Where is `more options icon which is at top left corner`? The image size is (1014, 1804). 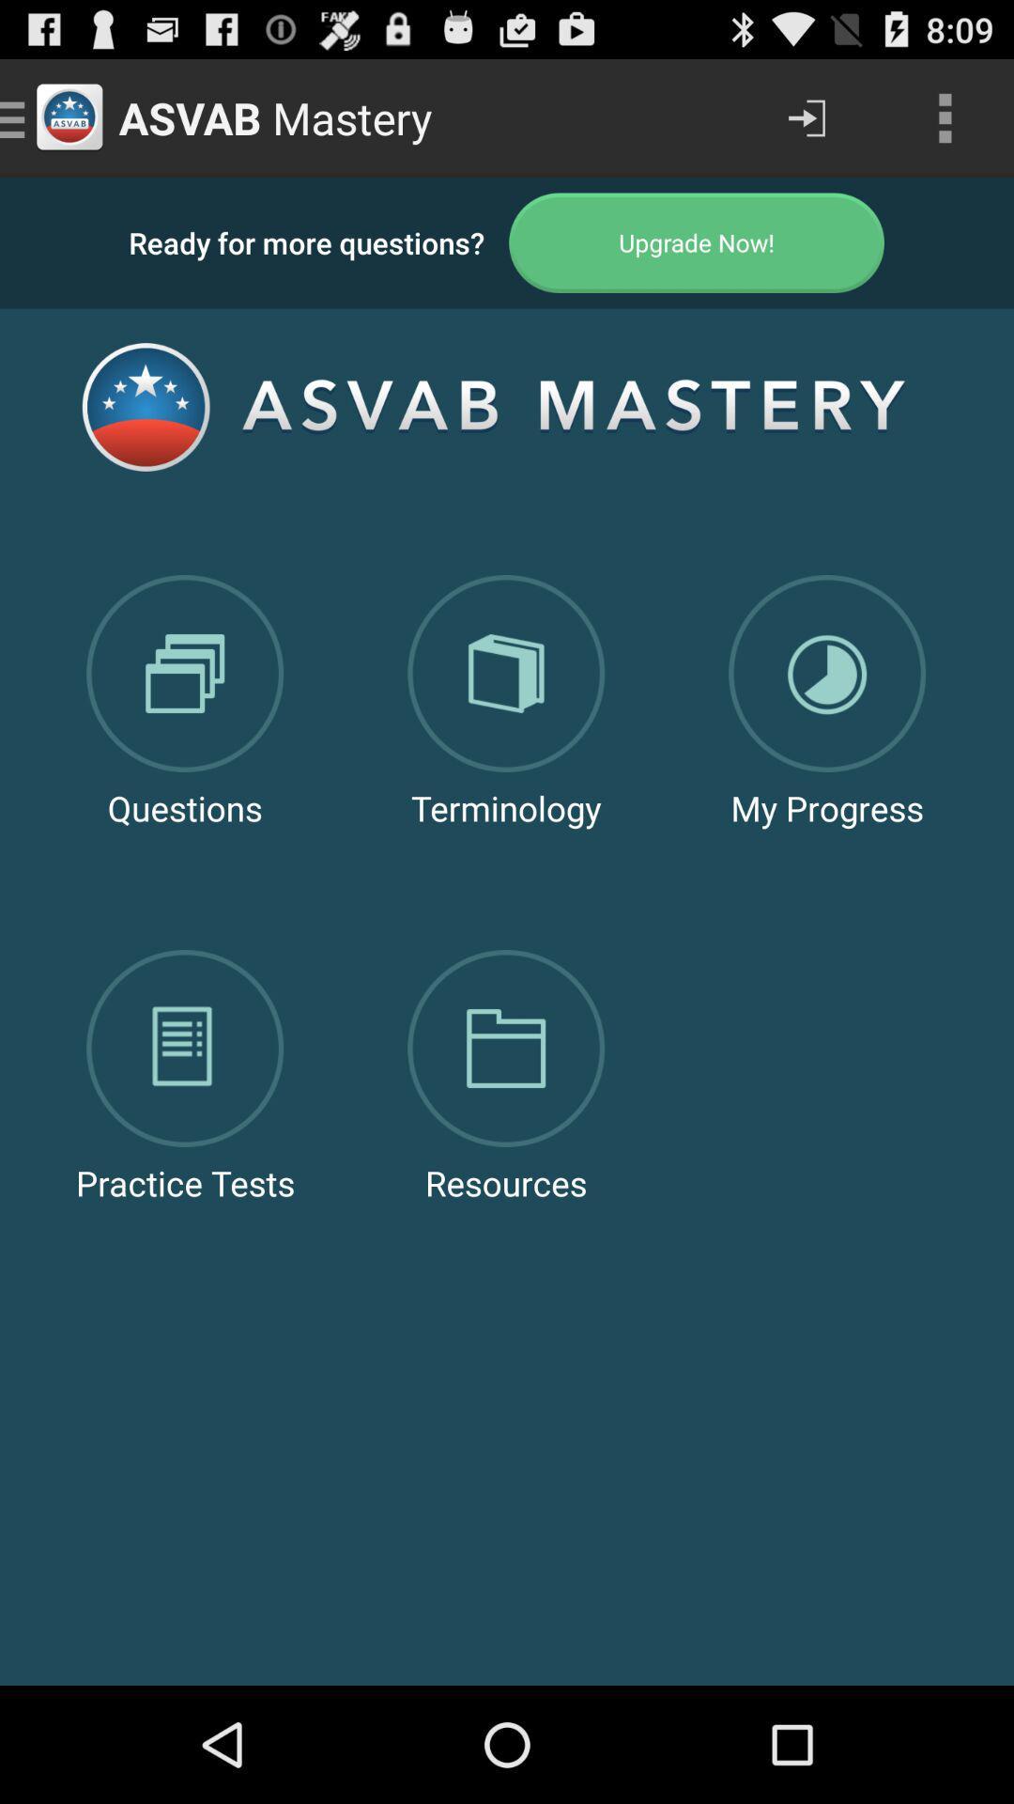 more options icon which is at top left corner is located at coordinates (945, 117).